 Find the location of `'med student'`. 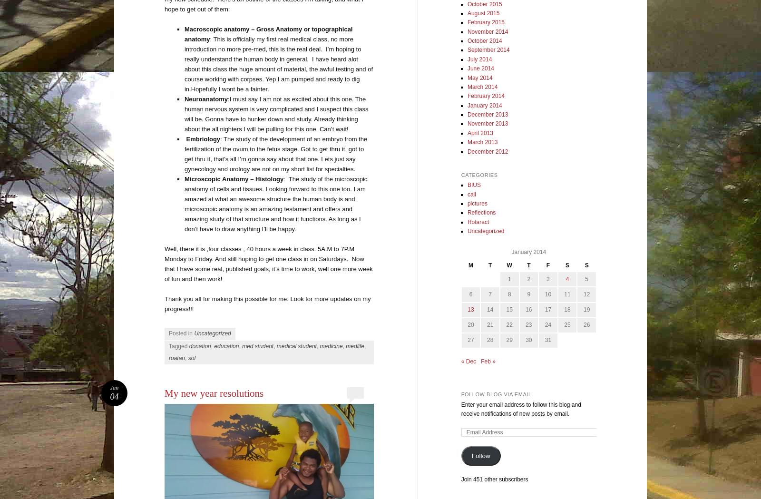

'med student' is located at coordinates (257, 345).